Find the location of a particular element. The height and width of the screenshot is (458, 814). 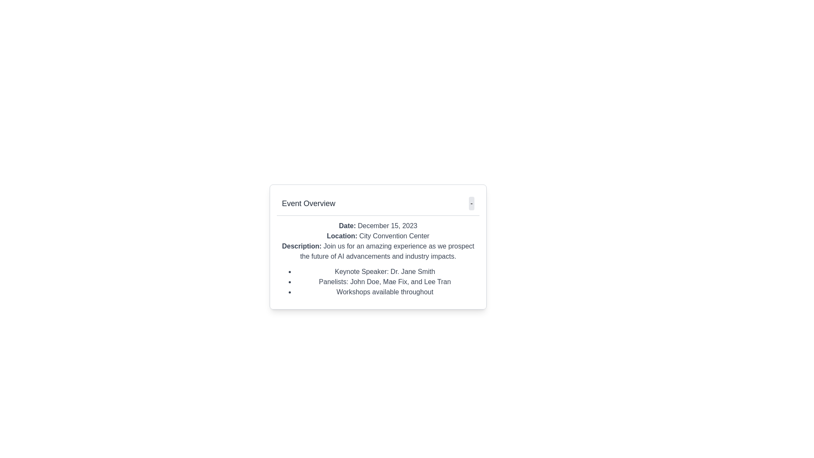

the descriptive text element that provides information about the availability of workshops in the Event Overview section is located at coordinates (384, 292).